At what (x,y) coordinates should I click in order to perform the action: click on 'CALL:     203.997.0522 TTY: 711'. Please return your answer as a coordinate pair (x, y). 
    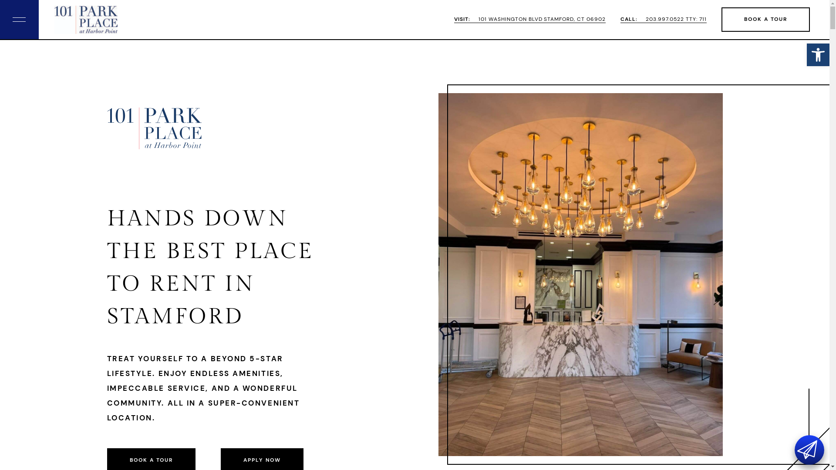
    Looking at the image, I should click on (663, 20).